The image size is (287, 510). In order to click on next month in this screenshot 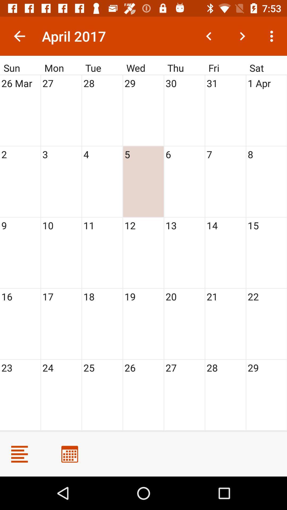, I will do `click(242, 36)`.